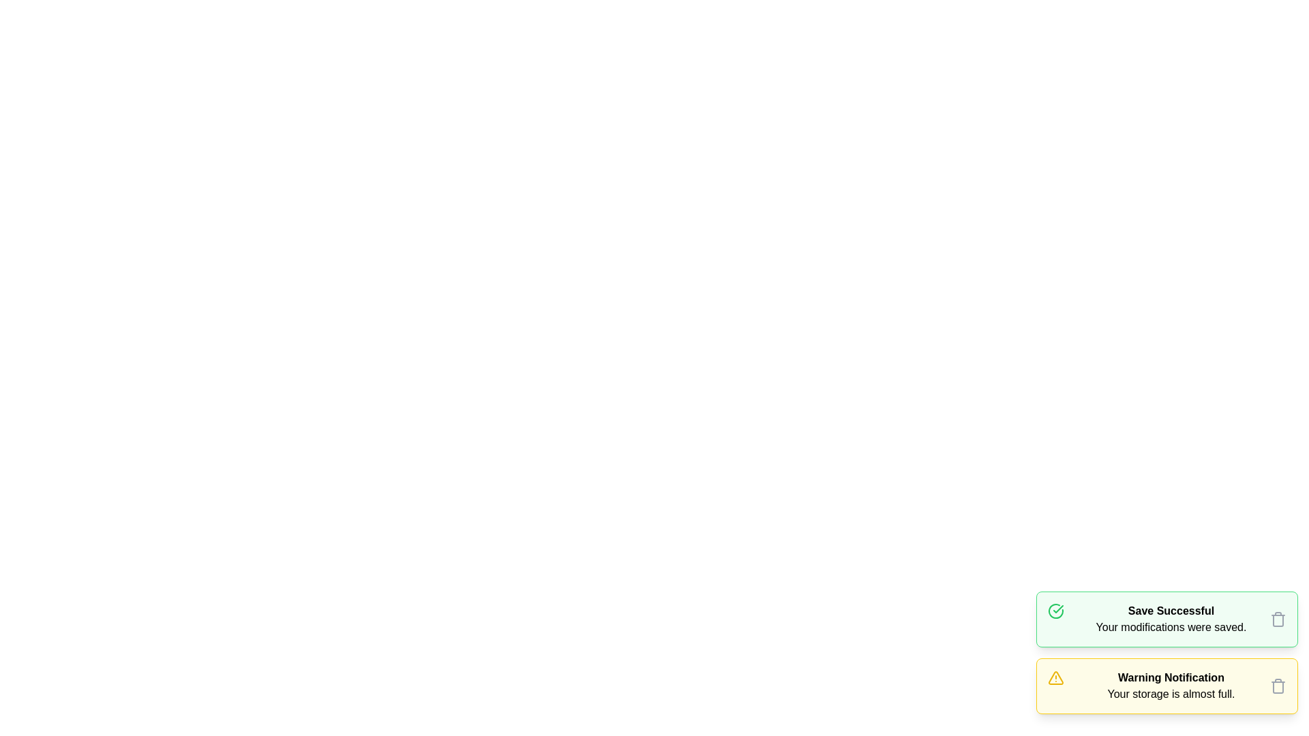 This screenshot has height=736, width=1309. I want to click on the trash can icon to dismiss the notification, so click(1278, 619).